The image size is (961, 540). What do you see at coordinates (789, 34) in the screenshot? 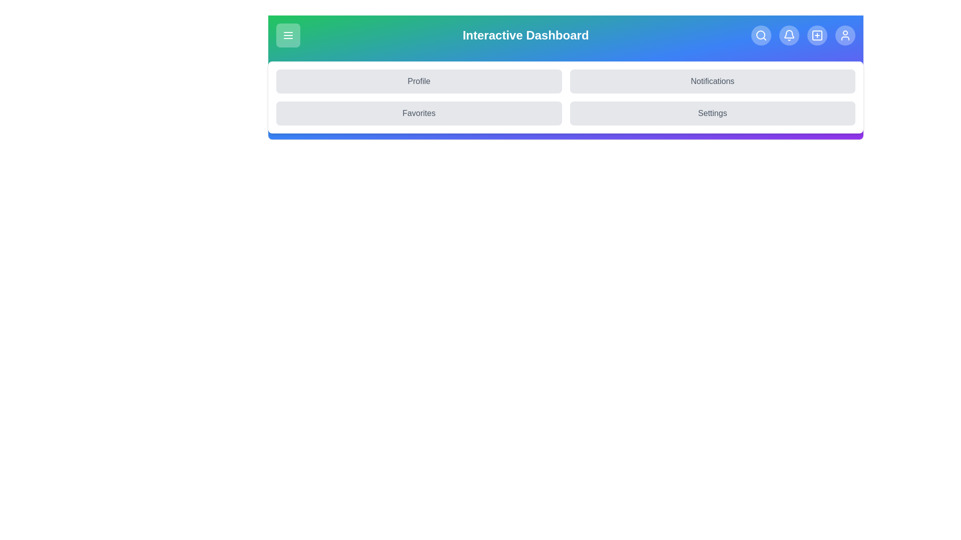
I see `the Notifications icon to navigate to the corresponding section` at bounding box center [789, 34].